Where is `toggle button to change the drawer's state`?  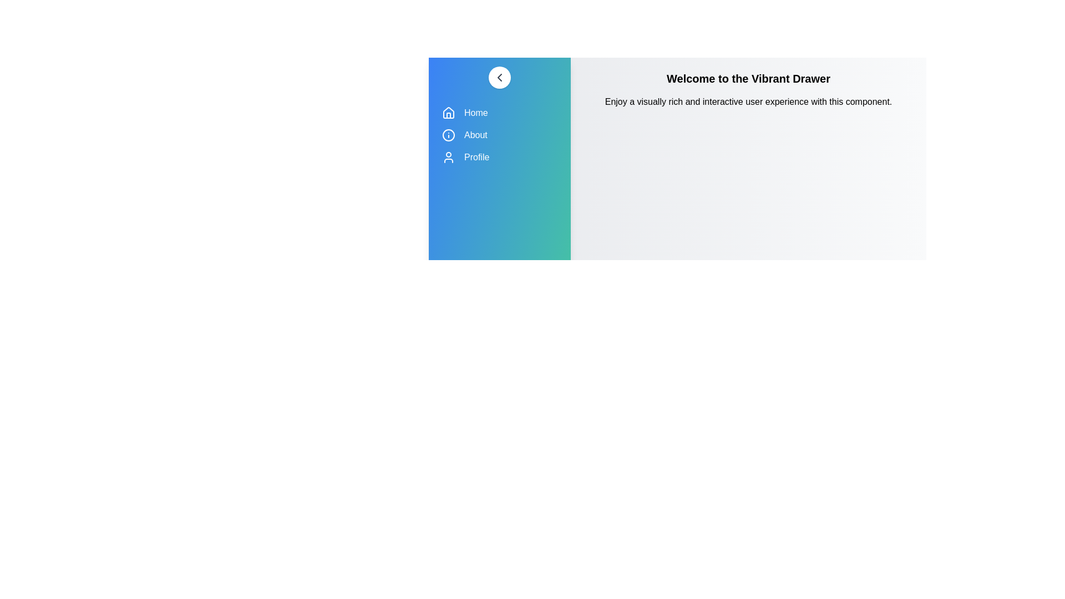
toggle button to change the drawer's state is located at coordinates (499, 77).